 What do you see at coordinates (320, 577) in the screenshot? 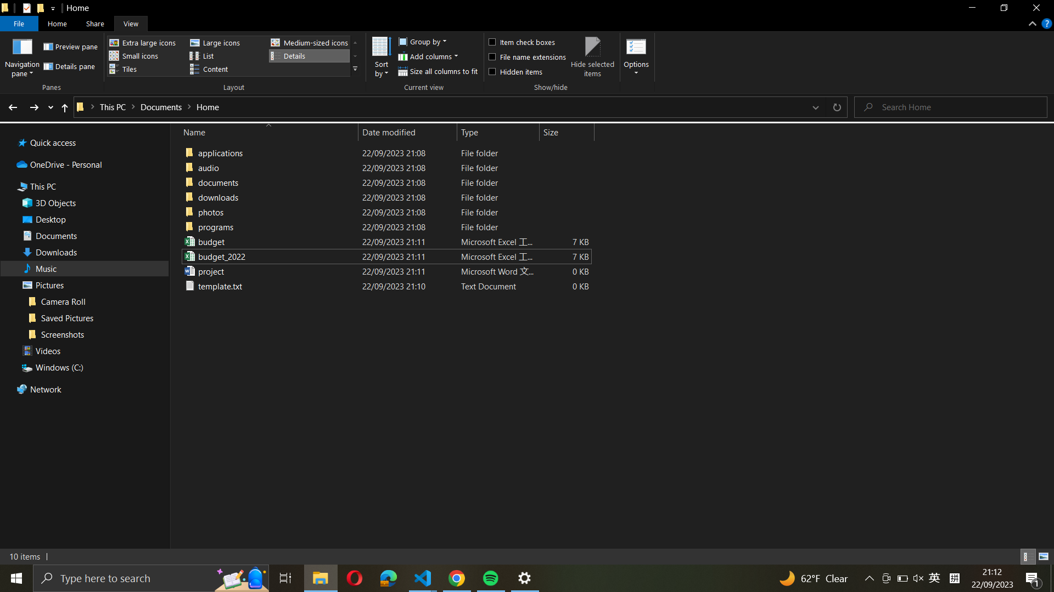
I see `Collate the window via the designated icon` at bounding box center [320, 577].